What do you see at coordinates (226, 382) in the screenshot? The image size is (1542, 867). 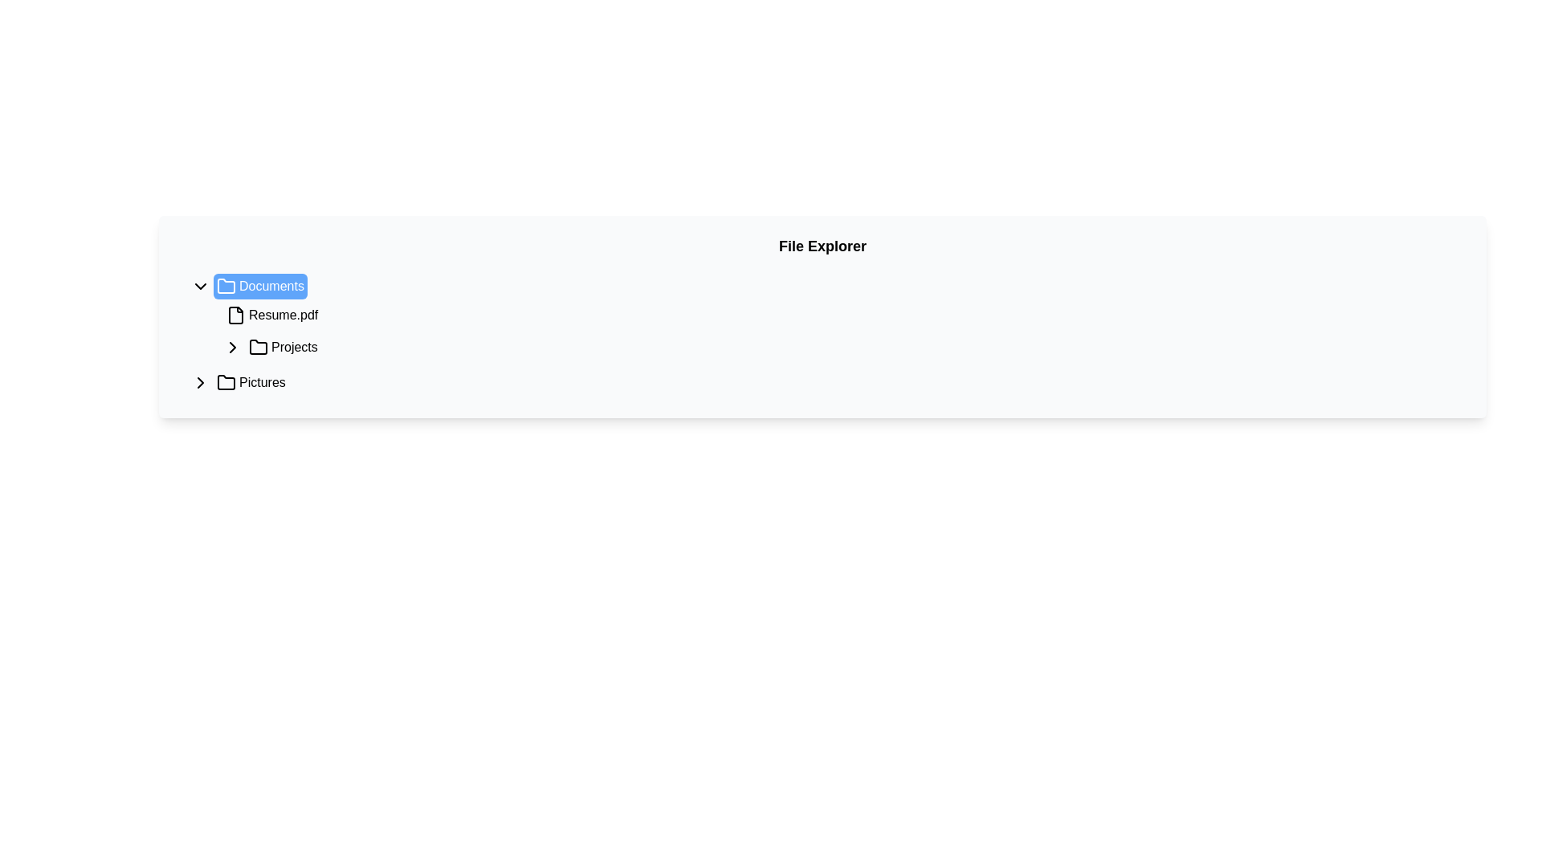 I see `the folder icon representing the 'Pictures' directory in the file explorer interface, which is located next to the 'Pictures' text label` at bounding box center [226, 382].